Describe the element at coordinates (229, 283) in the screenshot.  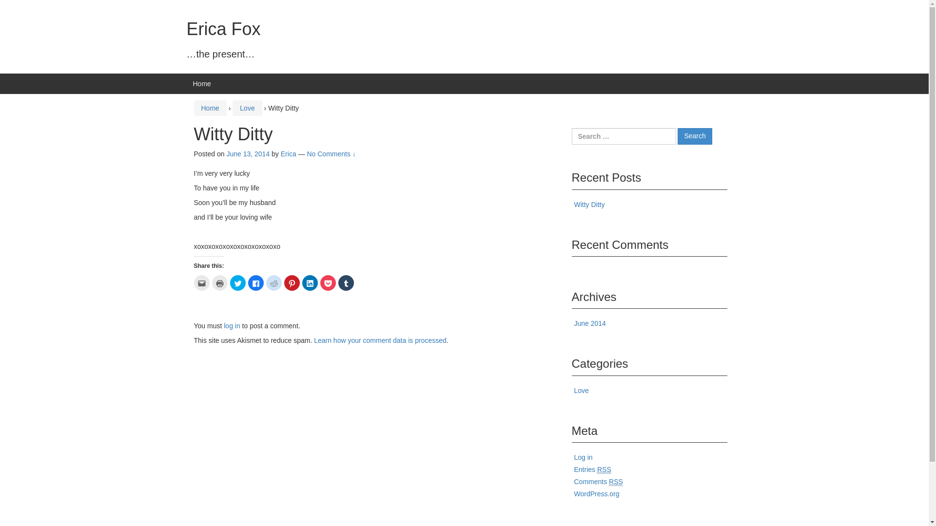
I see `'Click to share on Twitter (Opens in new window)'` at that location.